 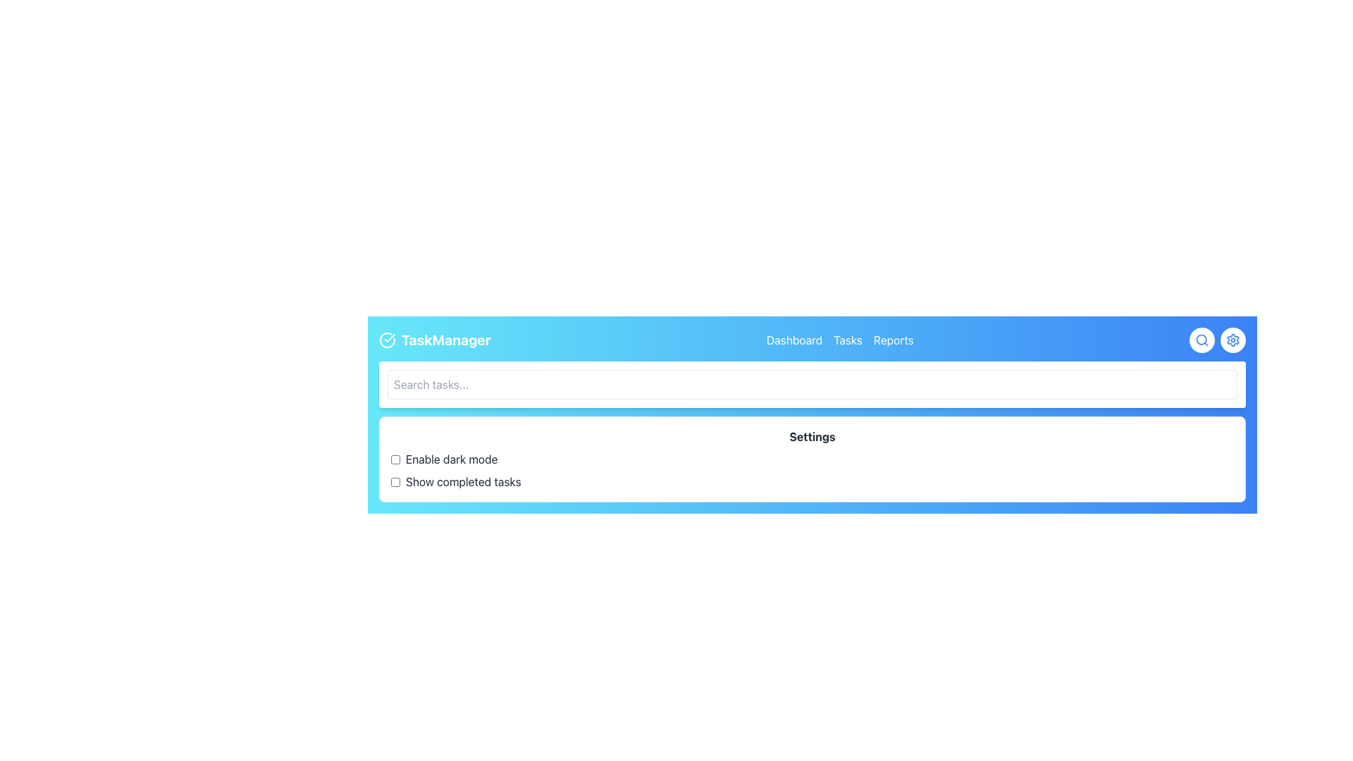 What do you see at coordinates (794, 340) in the screenshot?
I see `the first hyperlink in the top-right navigation menu` at bounding box center [794, 340].